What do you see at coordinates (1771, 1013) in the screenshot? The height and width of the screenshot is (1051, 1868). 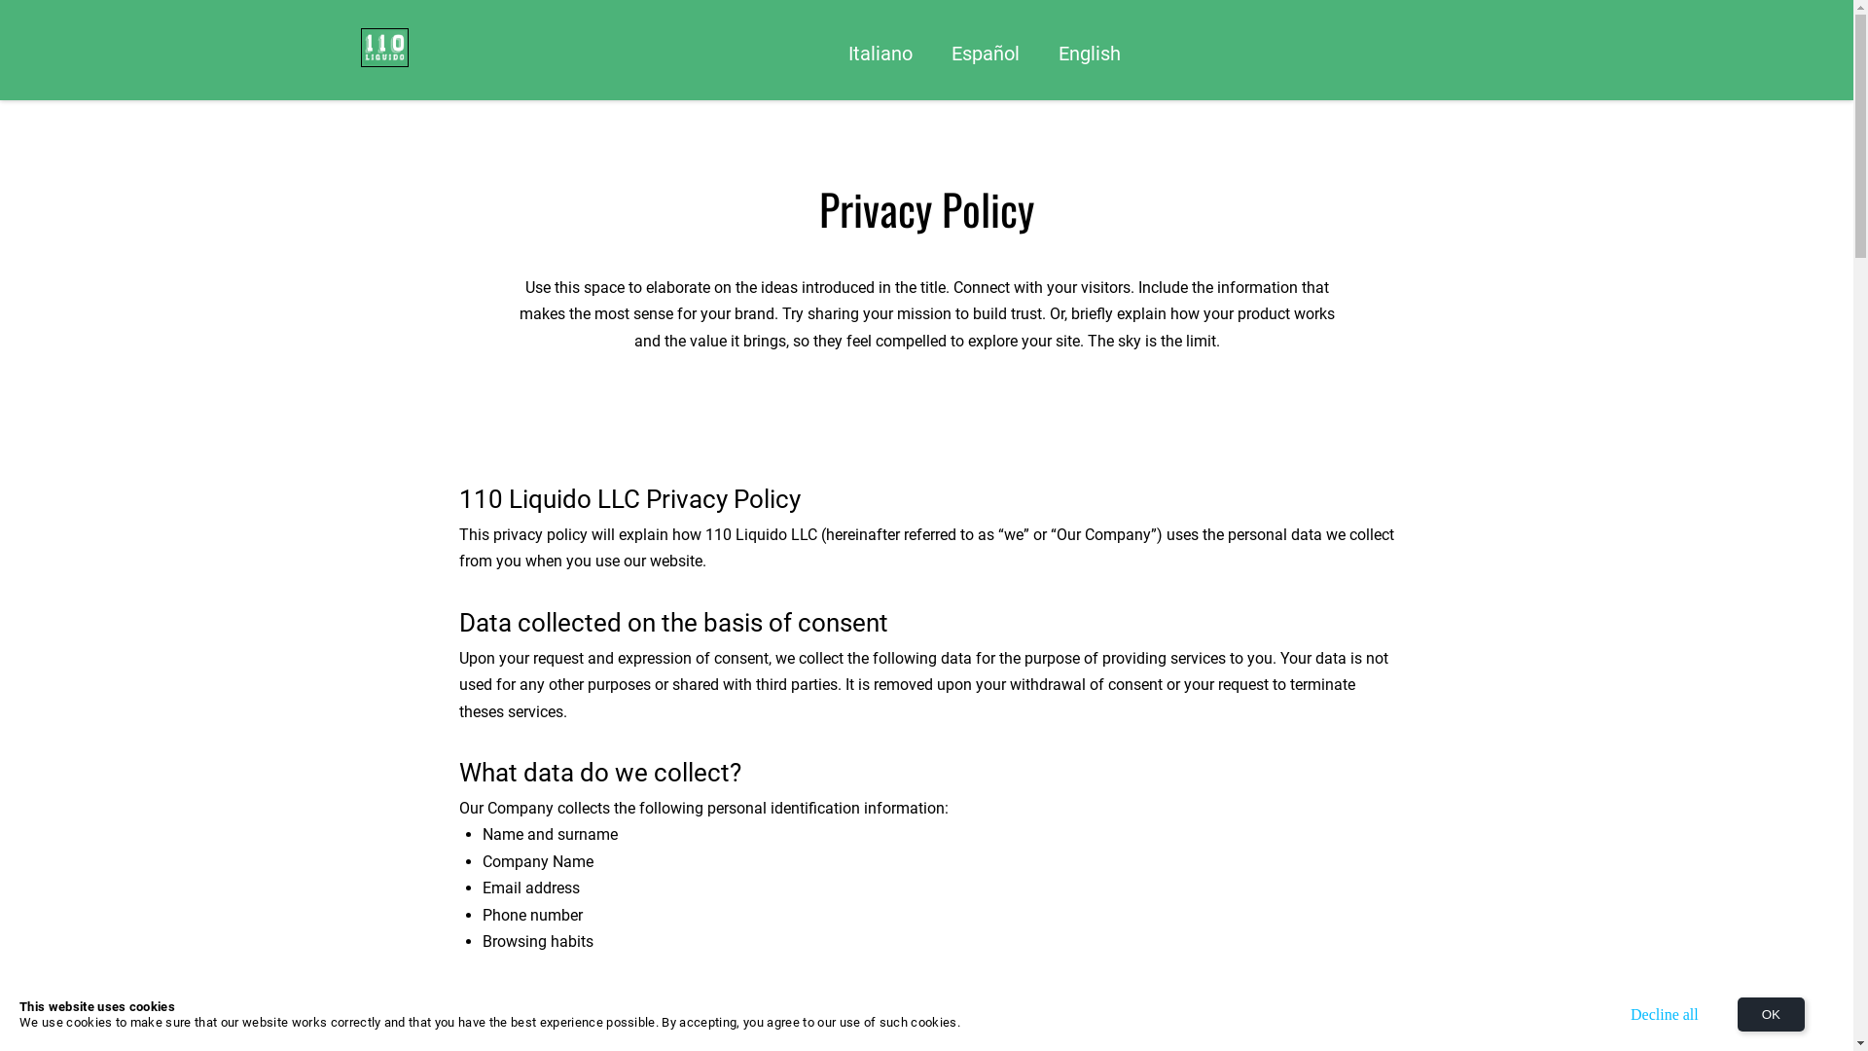 I see `'OK'` at bounding box center [1771, 1013].